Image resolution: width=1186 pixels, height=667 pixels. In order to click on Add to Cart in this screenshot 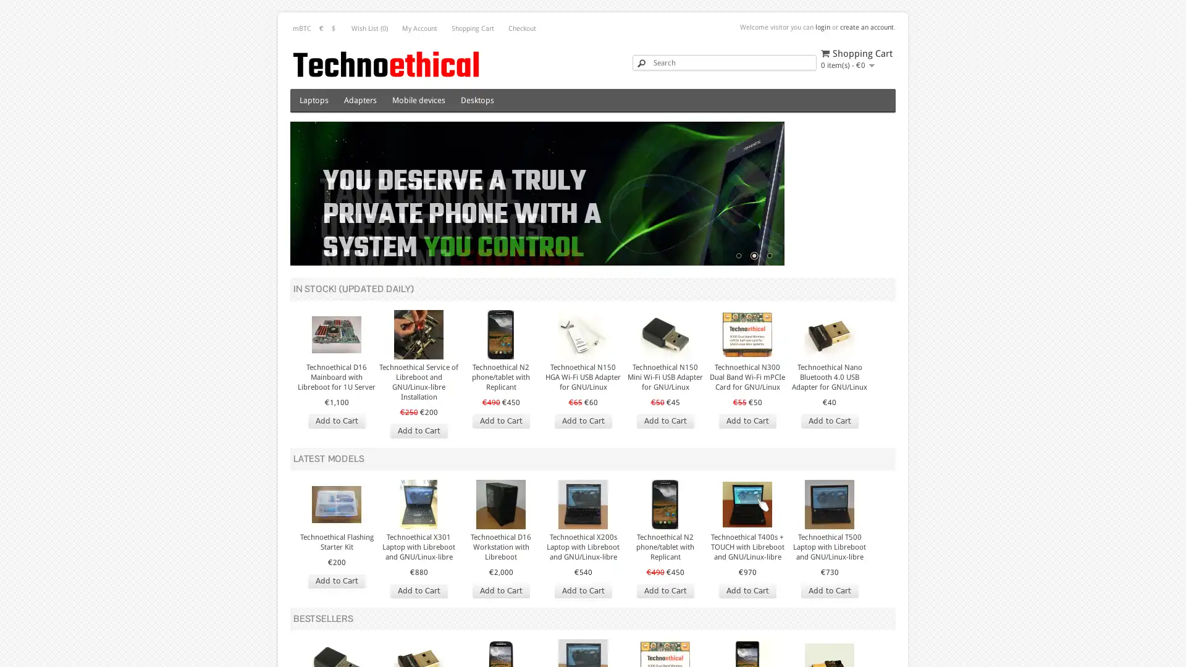, I will do `click(664, 462)`.